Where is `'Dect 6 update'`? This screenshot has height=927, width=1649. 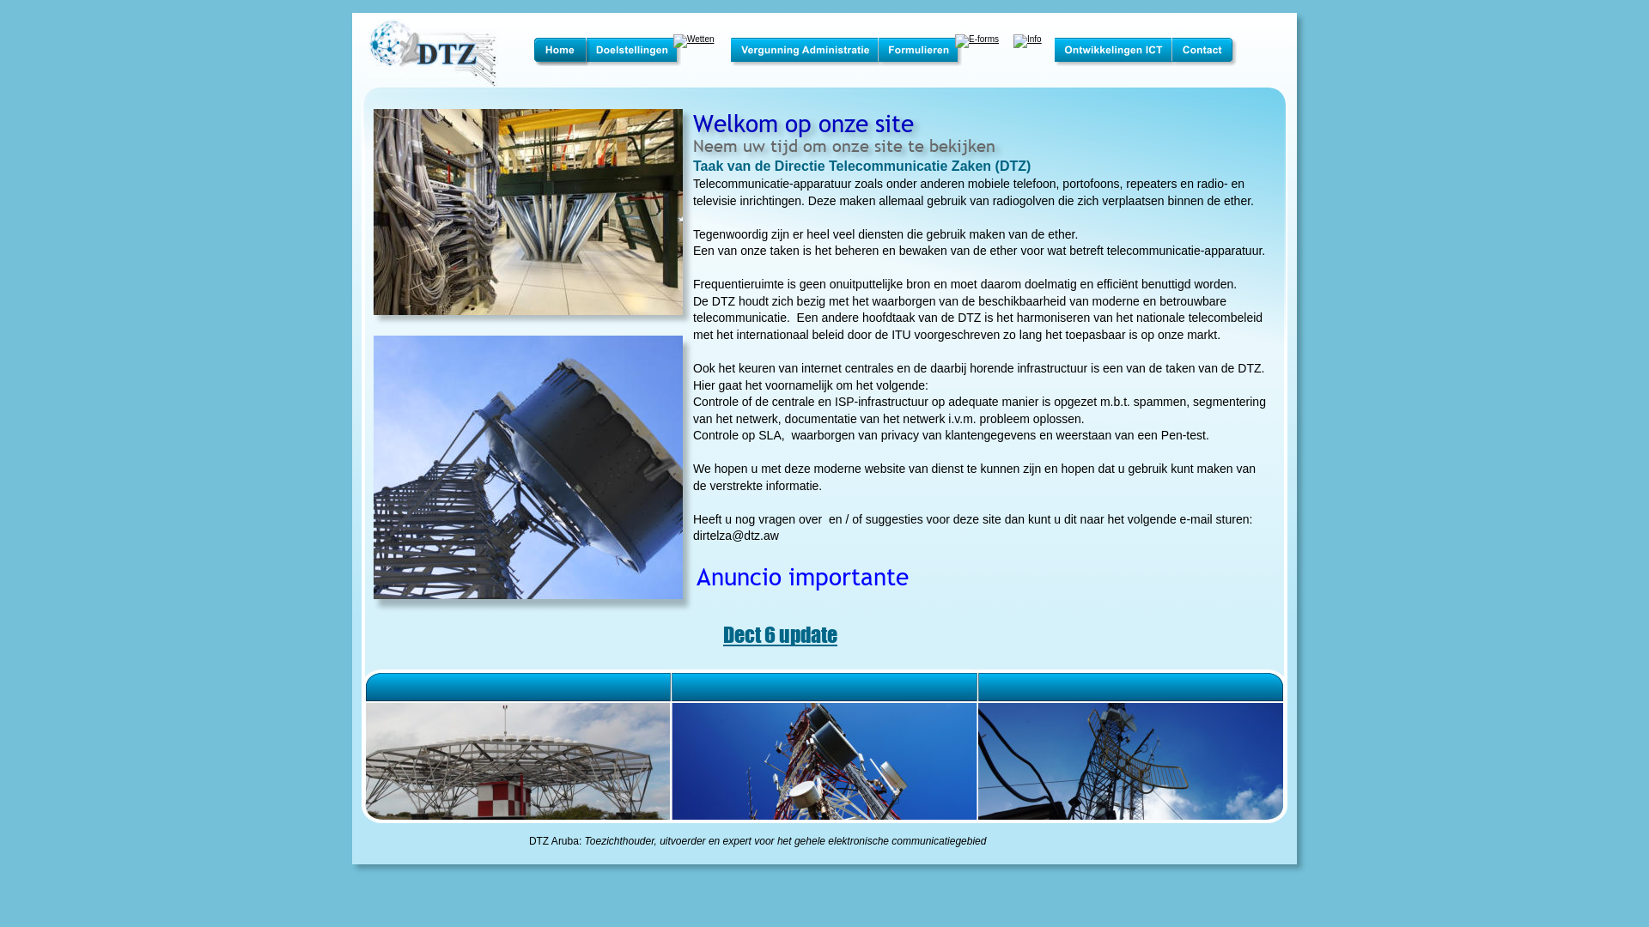
'Dect 6 update' is located at coordinates (722, 634).